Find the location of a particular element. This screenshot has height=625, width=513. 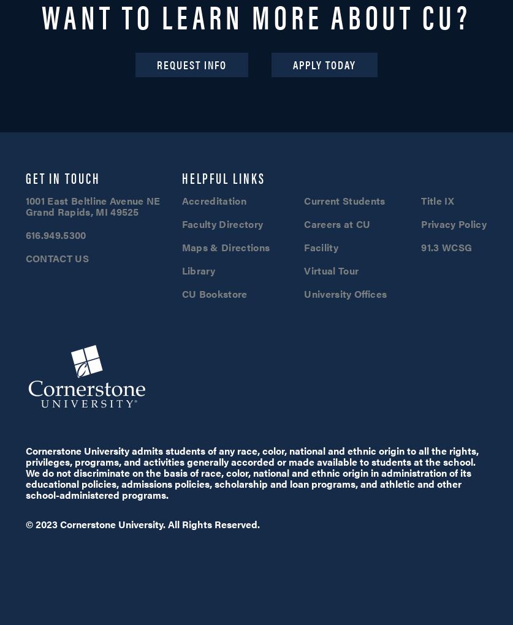

'Helpful Links' is located at coordinates (223, 176).